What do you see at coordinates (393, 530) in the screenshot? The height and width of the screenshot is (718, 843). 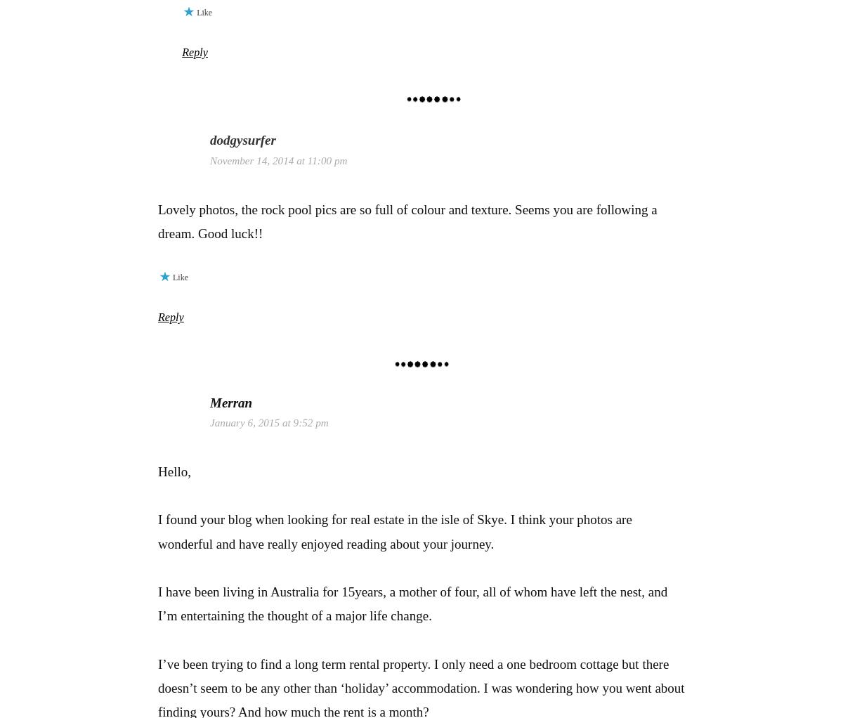 I see `'I found your blog when looking for real estate in the isle of Skye. I think your photos are wonderful and have really enjoyed reading about your journey.'` at bounding box center [393, 530].